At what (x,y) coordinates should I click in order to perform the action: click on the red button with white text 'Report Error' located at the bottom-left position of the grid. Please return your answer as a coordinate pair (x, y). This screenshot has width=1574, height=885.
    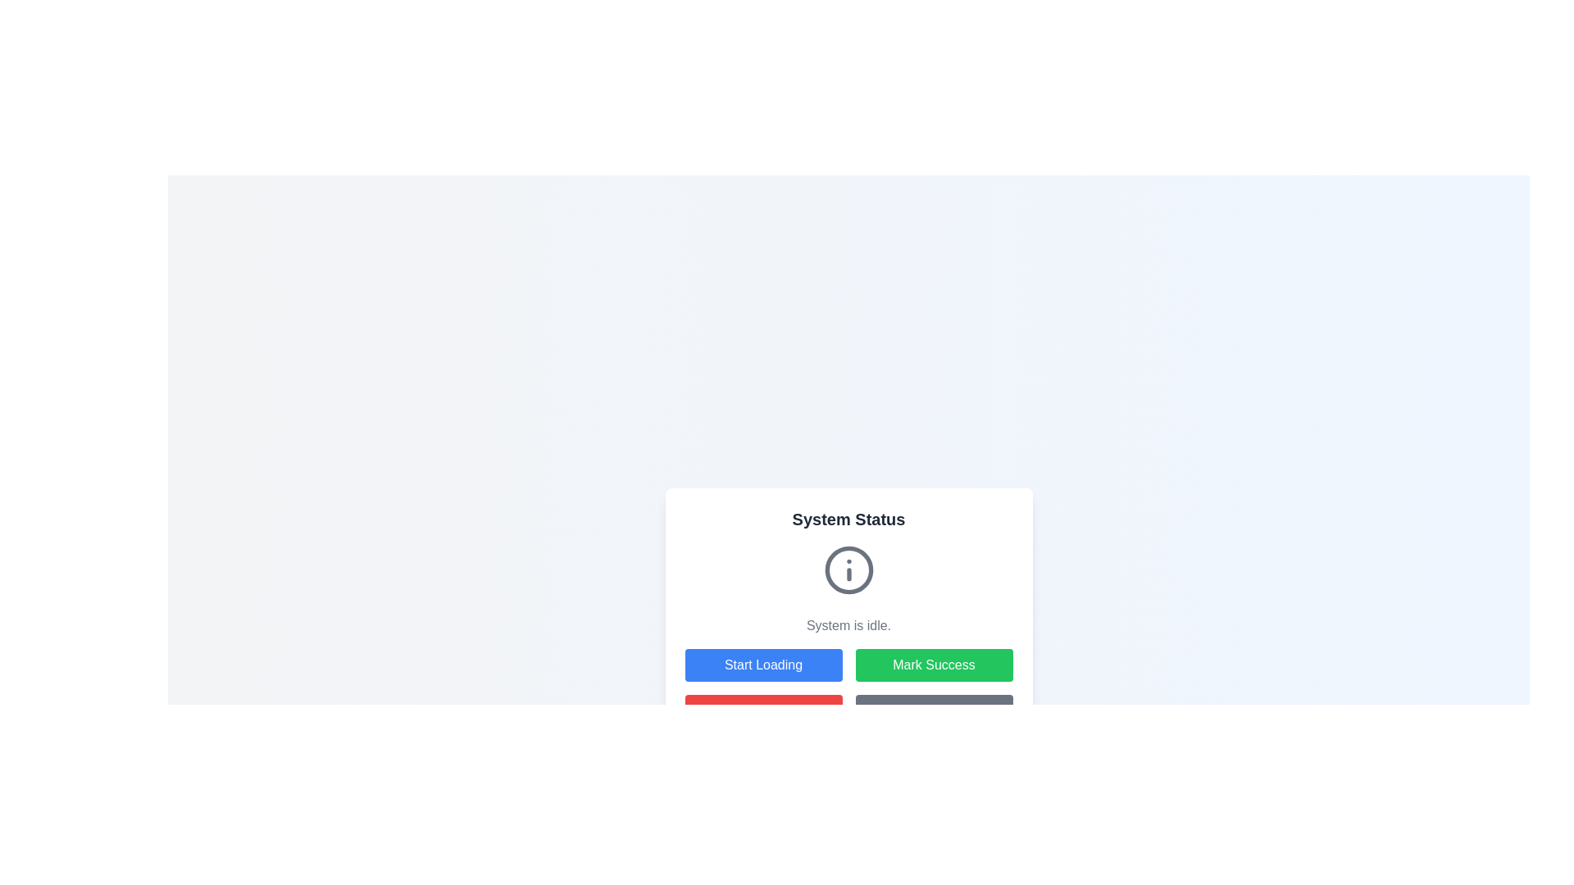
    Looking at the image, I should click on (762, 710).